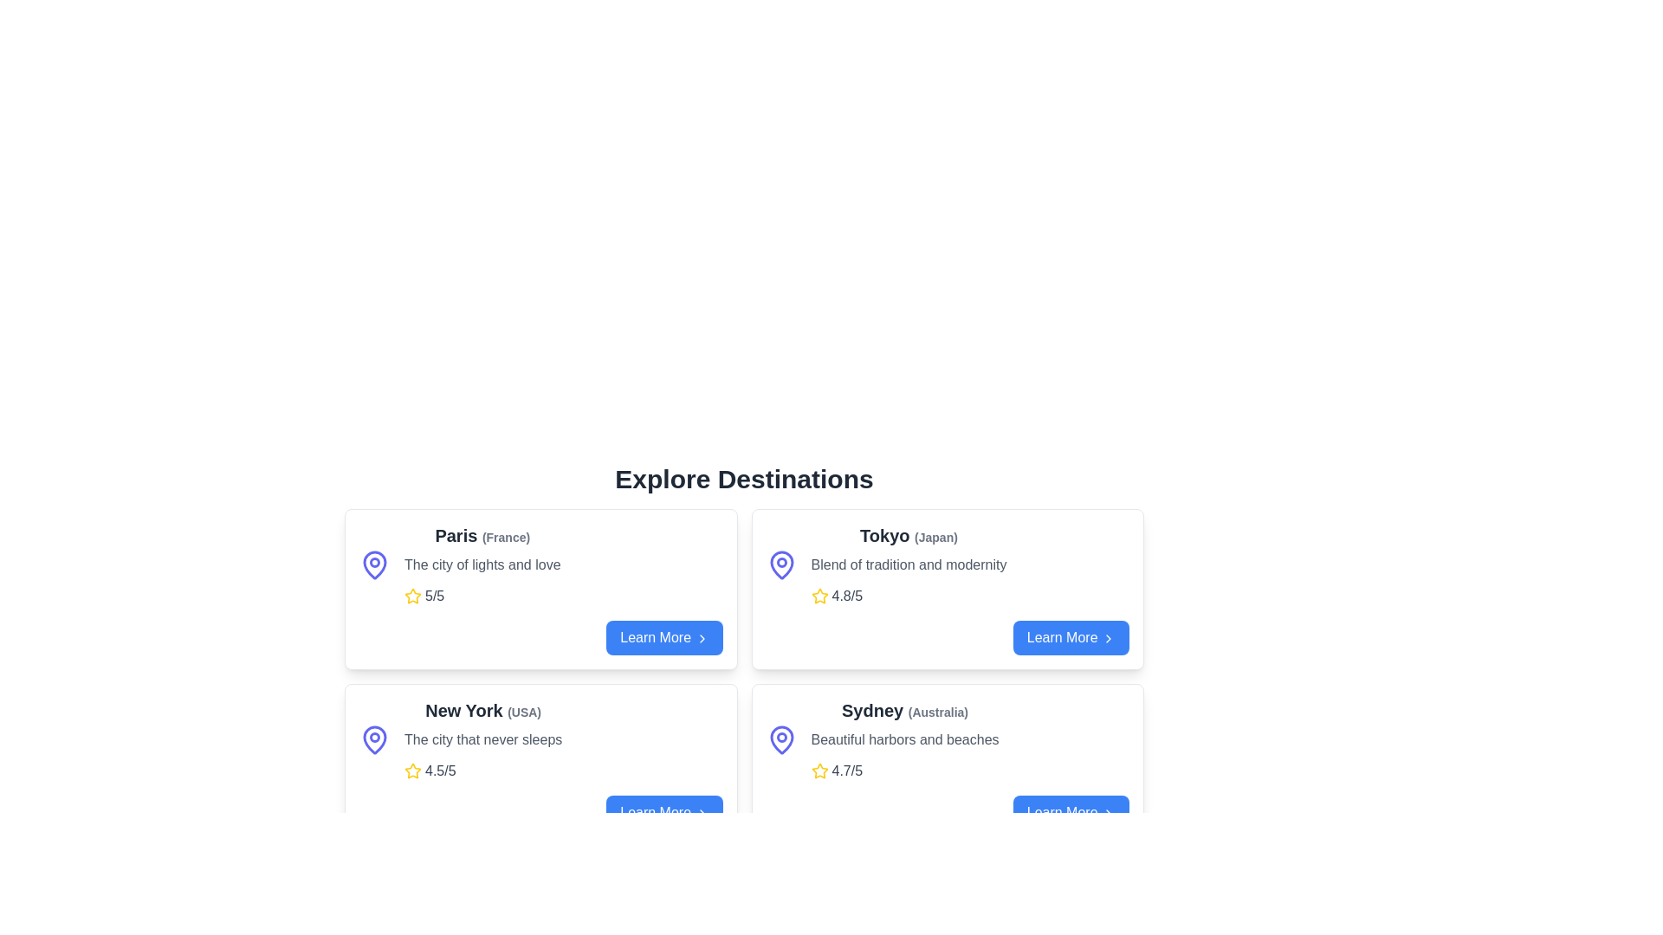  I want to click on the rating text label for the 'New York' destination, which is located below the subtitle 'The city that never sleeps' and grouped with a star icon, so click(440, 771).